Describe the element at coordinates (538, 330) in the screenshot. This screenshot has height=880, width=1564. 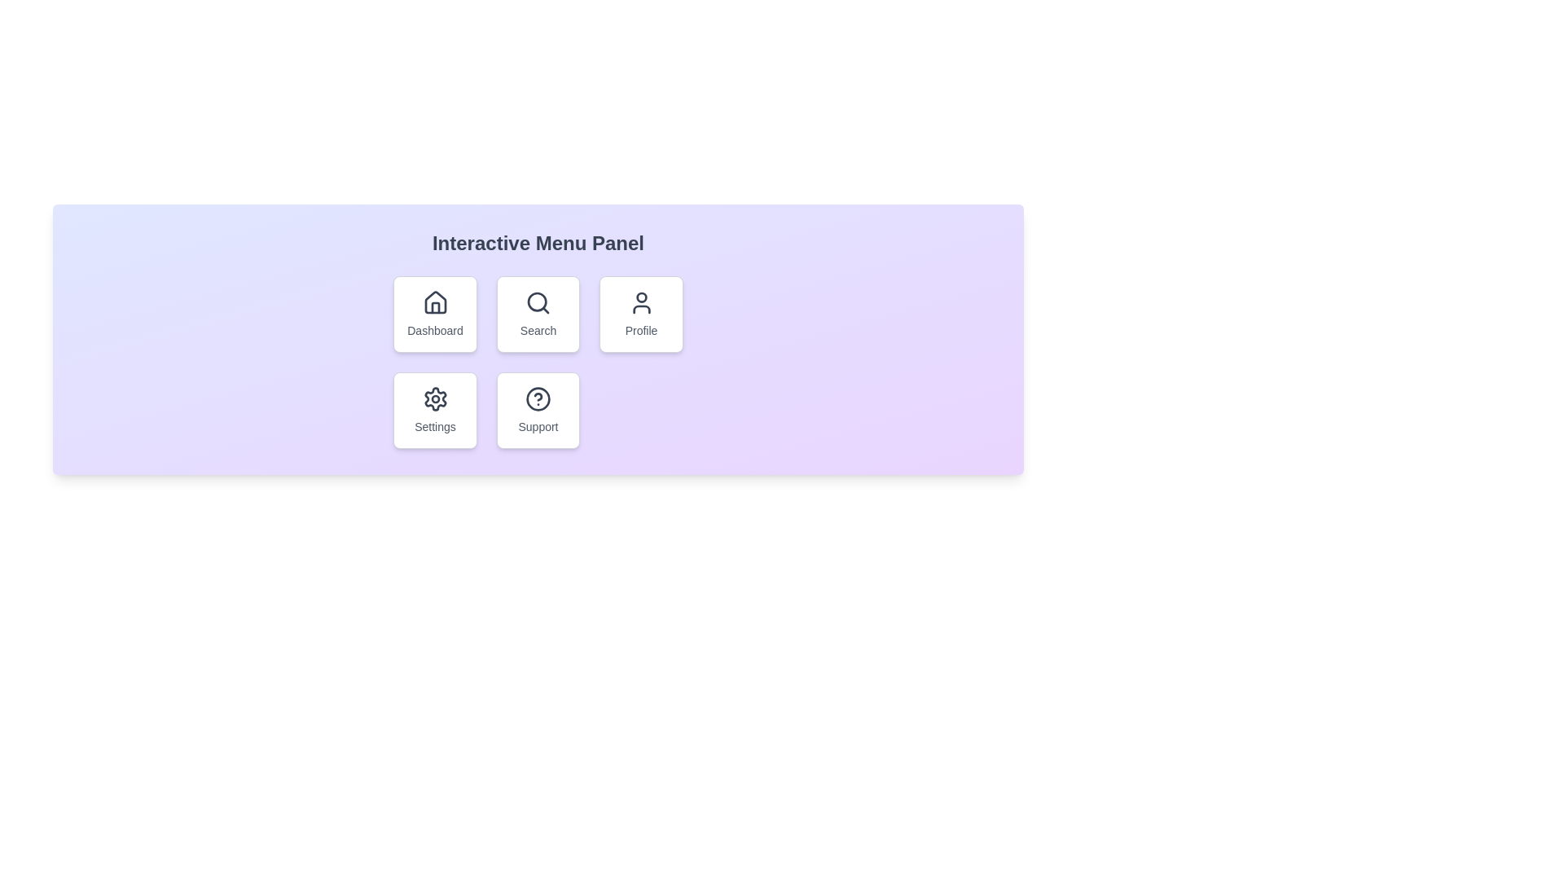
I see `the text label "Search" located within the second button of the top row in a button panel, which is part of a 2x3 grid layout` at that location.